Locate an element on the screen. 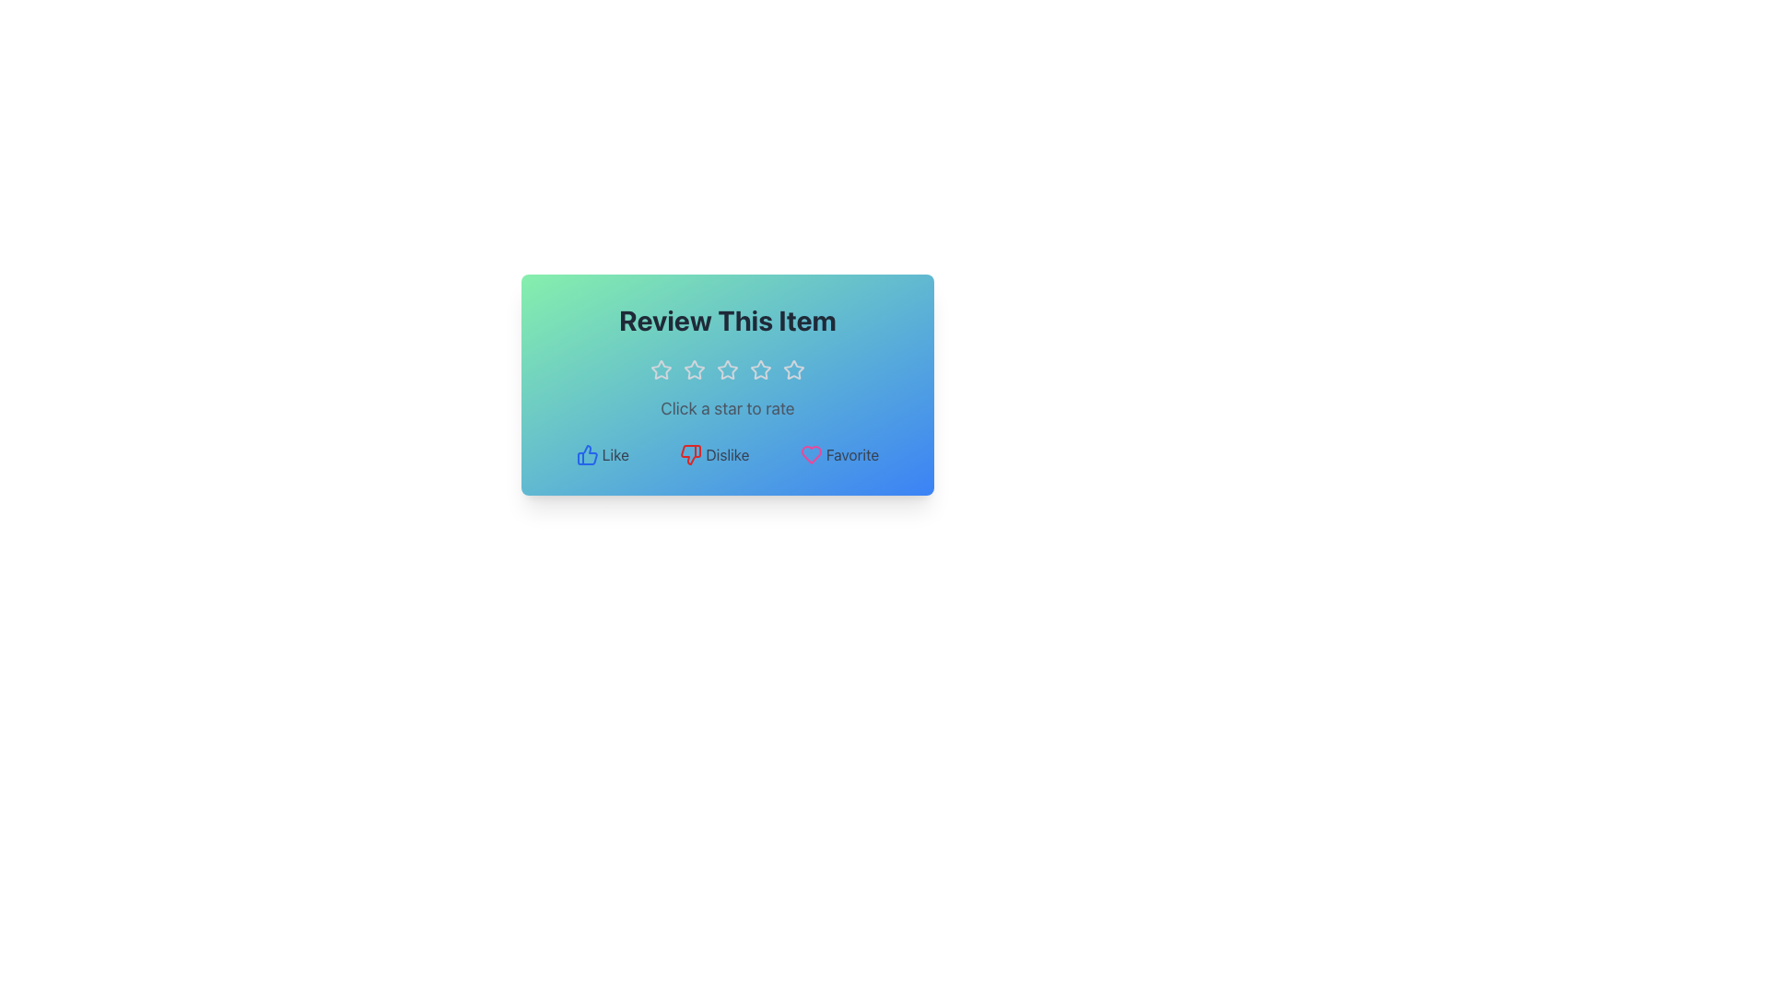  the star in the multi-functional rating and feedback panel is located at coordinates (727, 383).